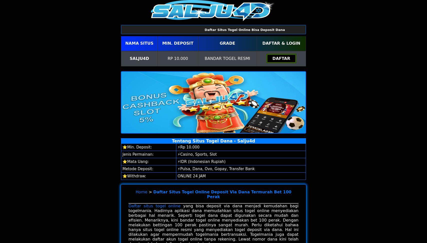 Image resolution: width=427 pixels, height=243 pixels. What do you see at coordinates (141, 192) in the screenshot?
I see `'Home'` at bounding box center [141, 192].